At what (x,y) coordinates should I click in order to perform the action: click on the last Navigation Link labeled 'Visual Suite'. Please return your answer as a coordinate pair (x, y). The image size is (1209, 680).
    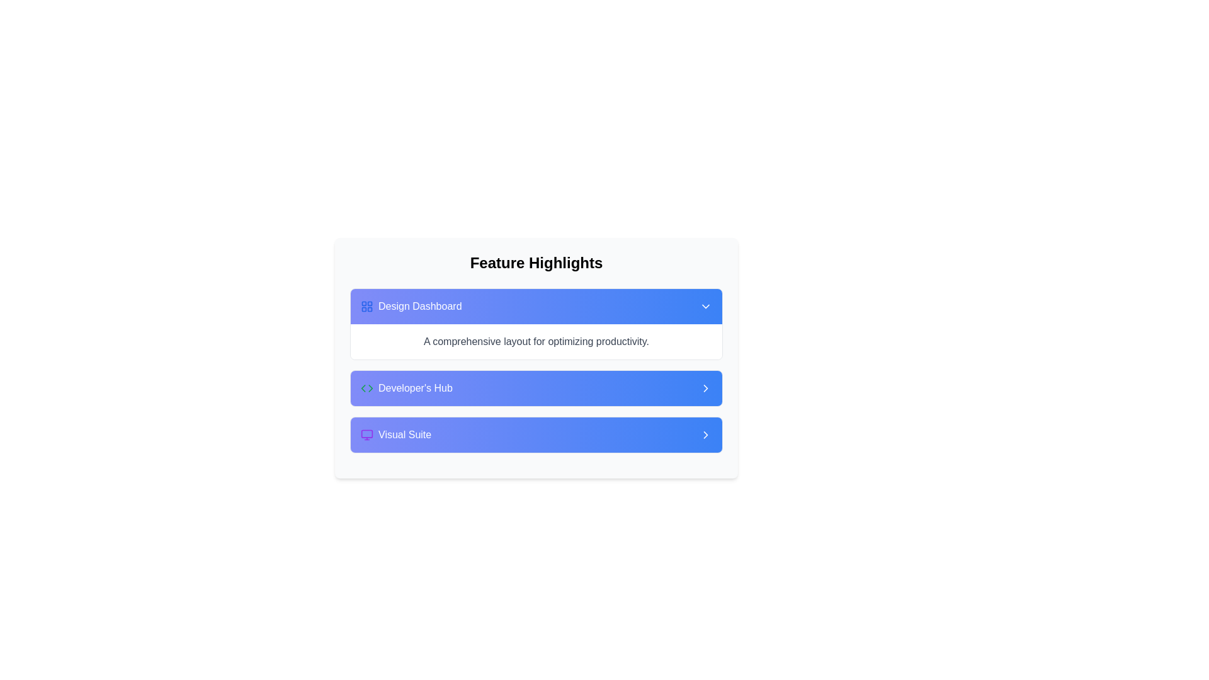
    Looking at the image, I should click on (395, 434).